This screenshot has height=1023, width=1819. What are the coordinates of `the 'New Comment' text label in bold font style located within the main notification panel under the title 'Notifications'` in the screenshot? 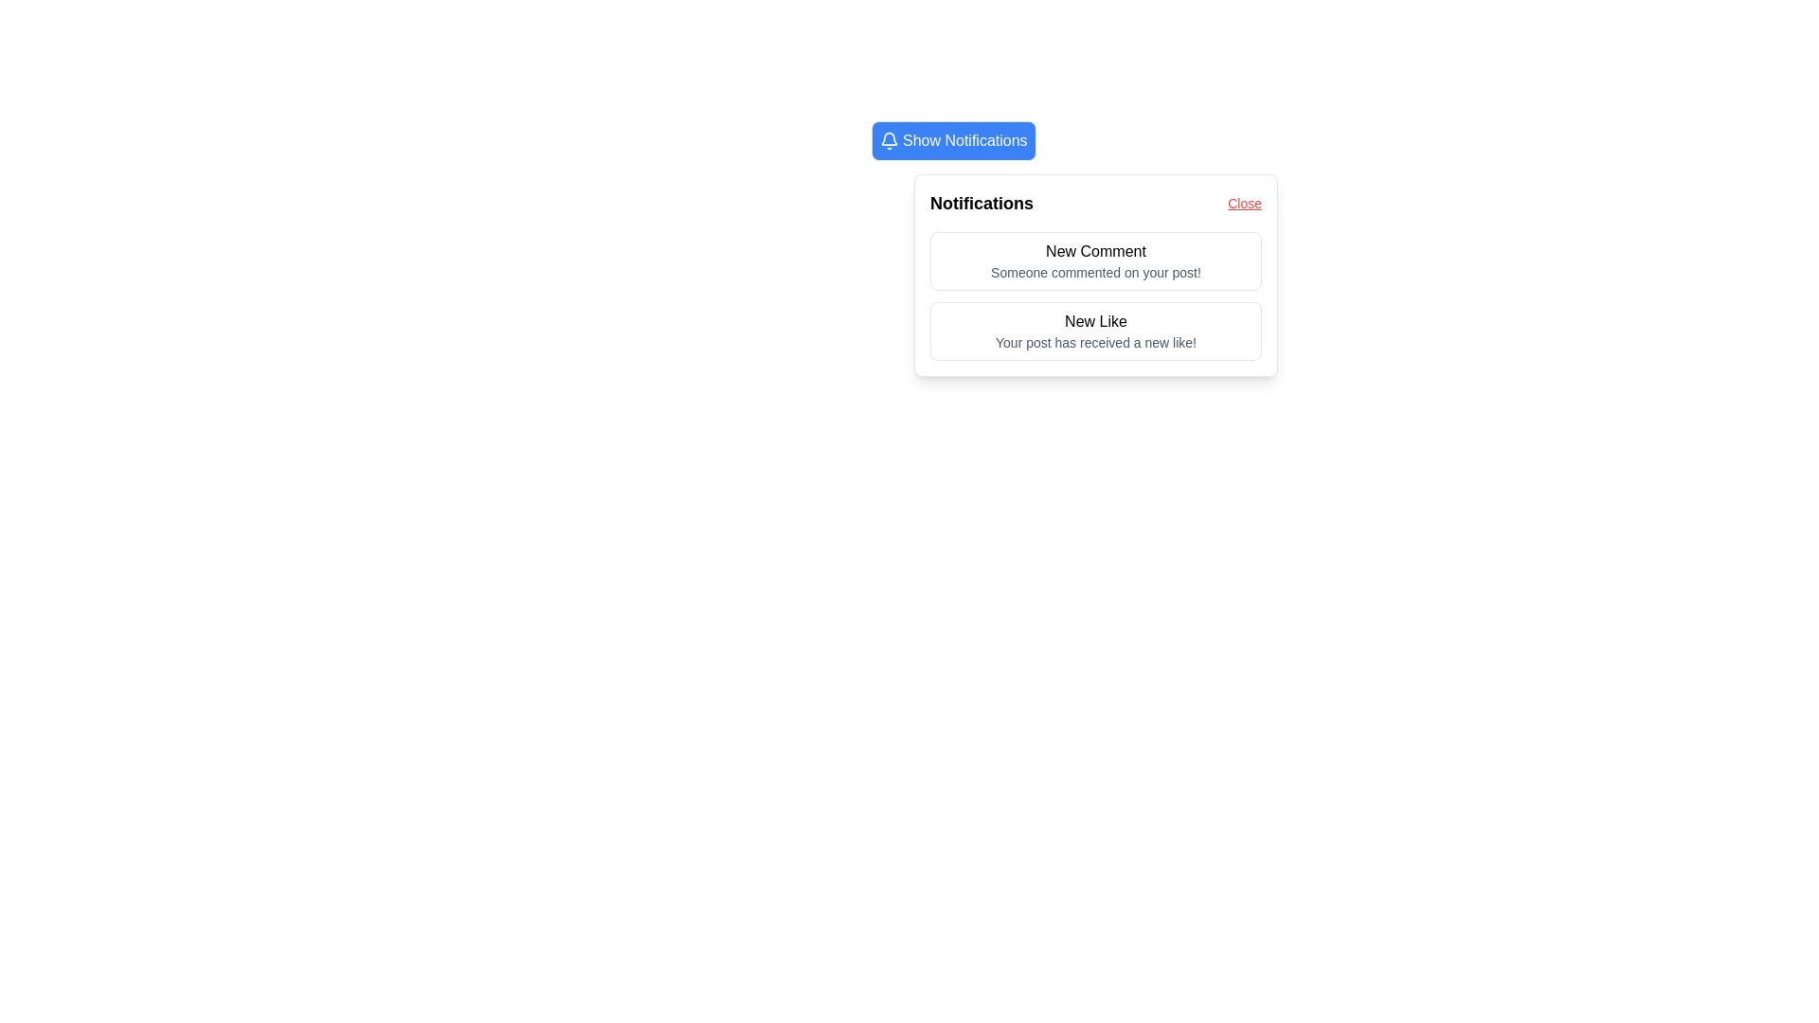 It's located at (1095, 251).